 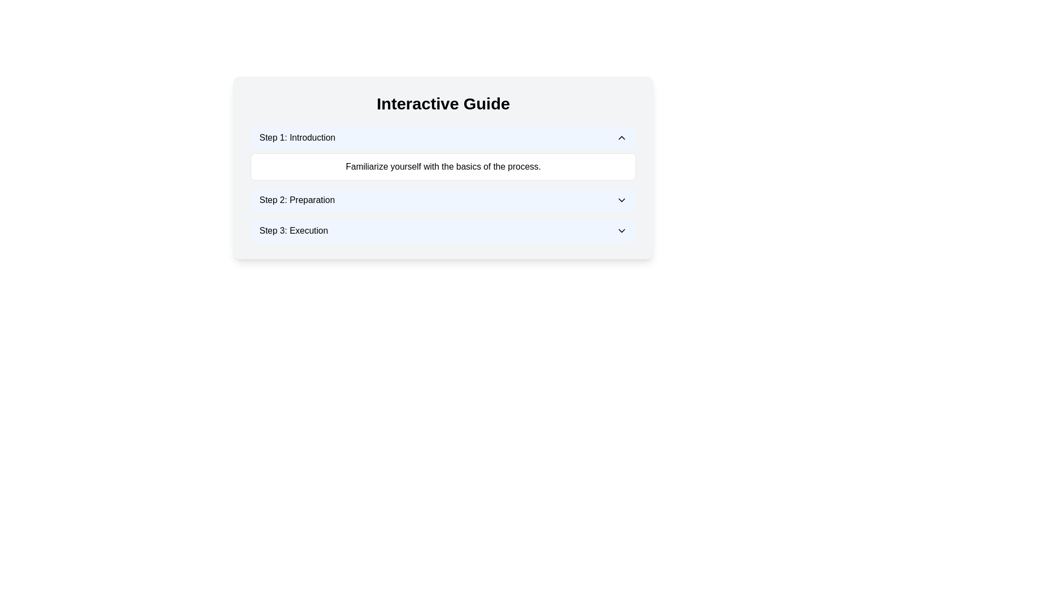 What do you see at coordinates (622, 230) in the screenshot?
I see `the small downward-pointing chevron icon that indicates the dropdown for 'Step 3: Execution'` at bounding box center [622, 230].